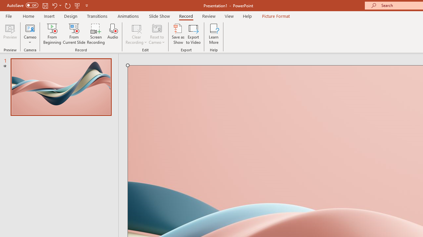  What do you see at coordinates (61, 87) in the screenshot?
I see `'Slide'` at bounding box center [61, 87].